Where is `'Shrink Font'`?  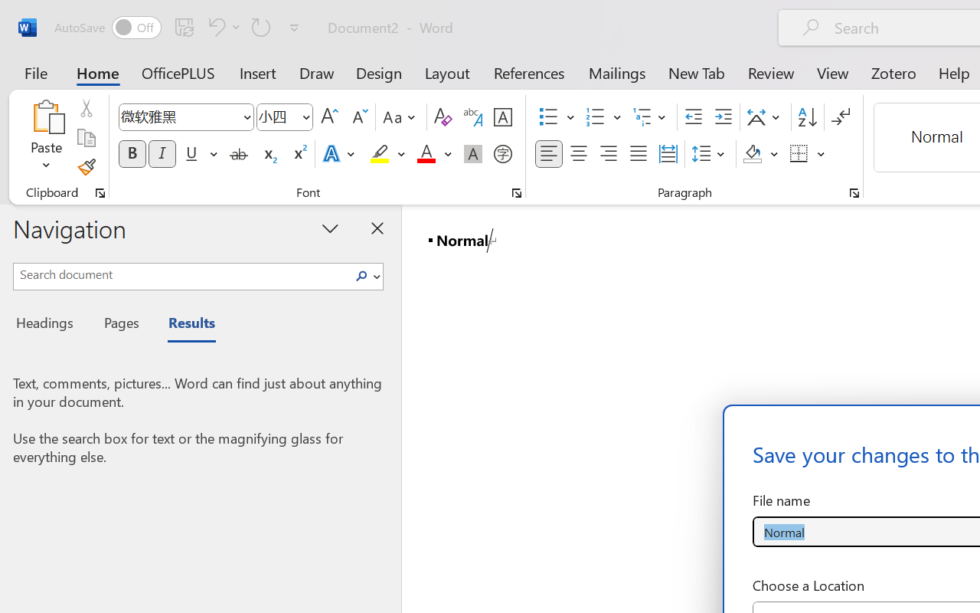
'Shrink Font' is located at coordinates (358, 117).